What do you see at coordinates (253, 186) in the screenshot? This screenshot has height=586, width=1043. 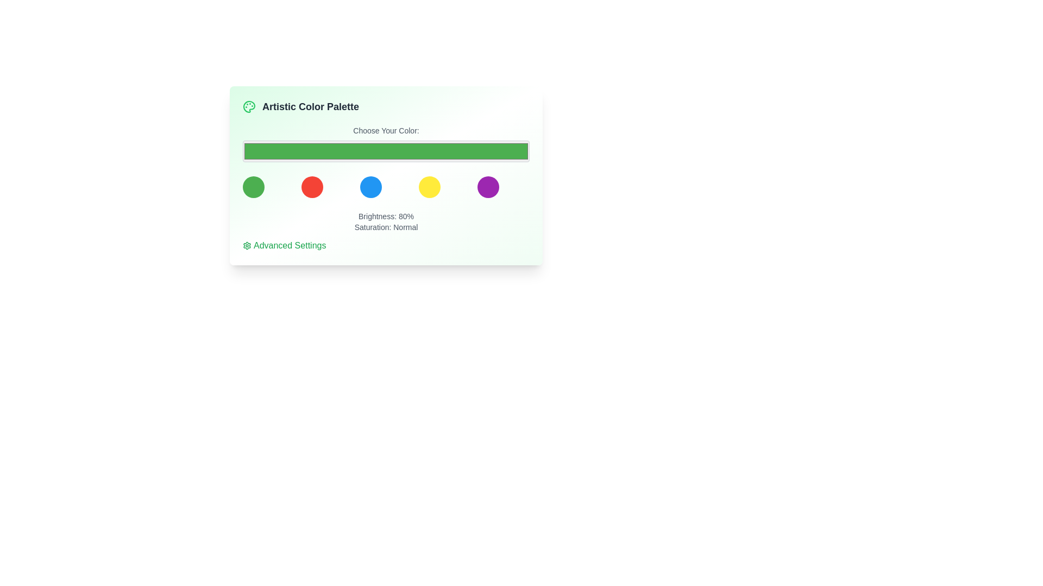 I see `the selectable circular button with a green background located as the first item in a horizontal grid layout to observe the border change` at bounding box center [253, 186].